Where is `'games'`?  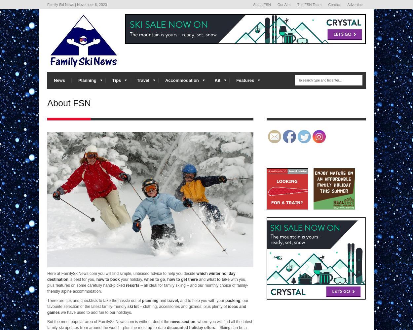 'games' is located at coordinates (54, 312).